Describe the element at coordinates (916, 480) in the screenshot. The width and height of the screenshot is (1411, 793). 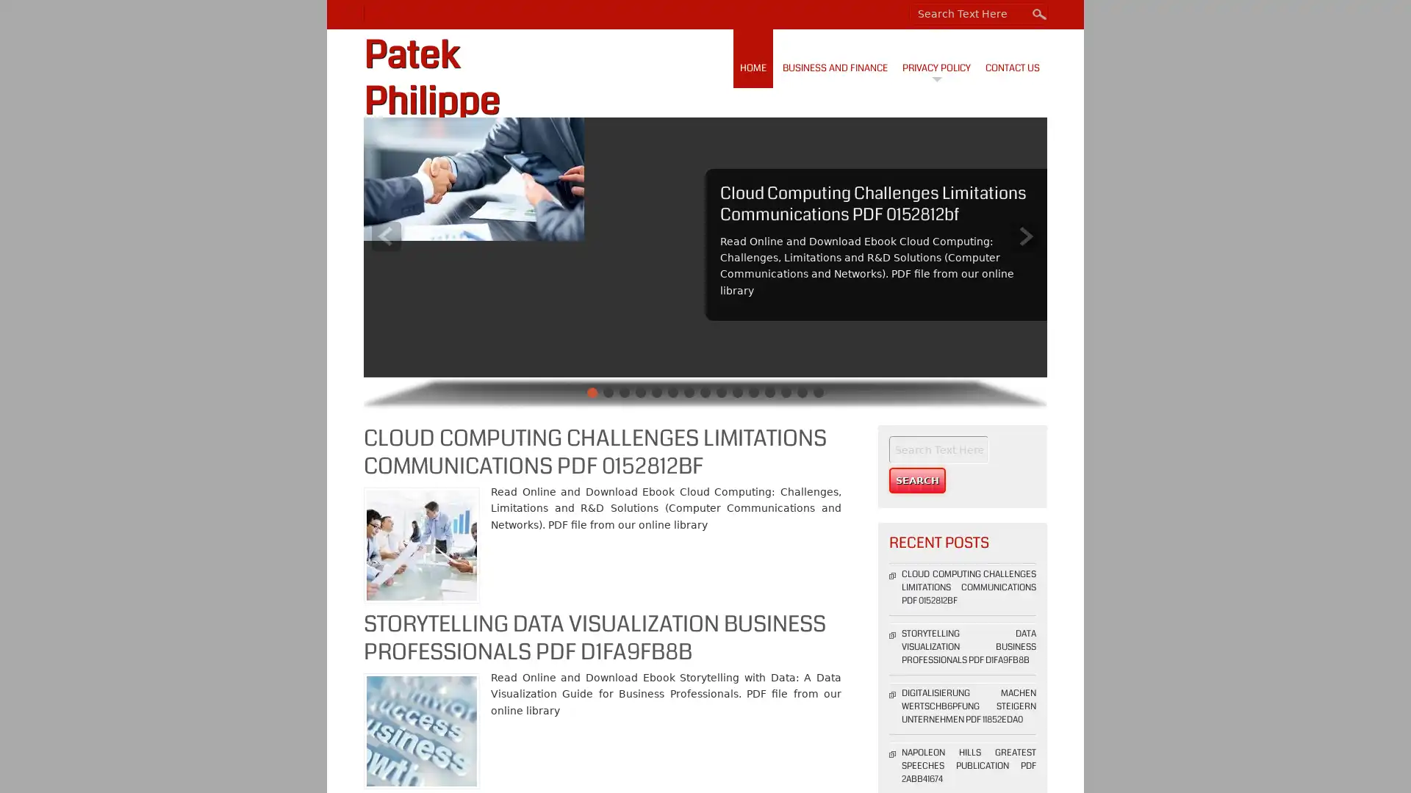
I see `Search` at that location.